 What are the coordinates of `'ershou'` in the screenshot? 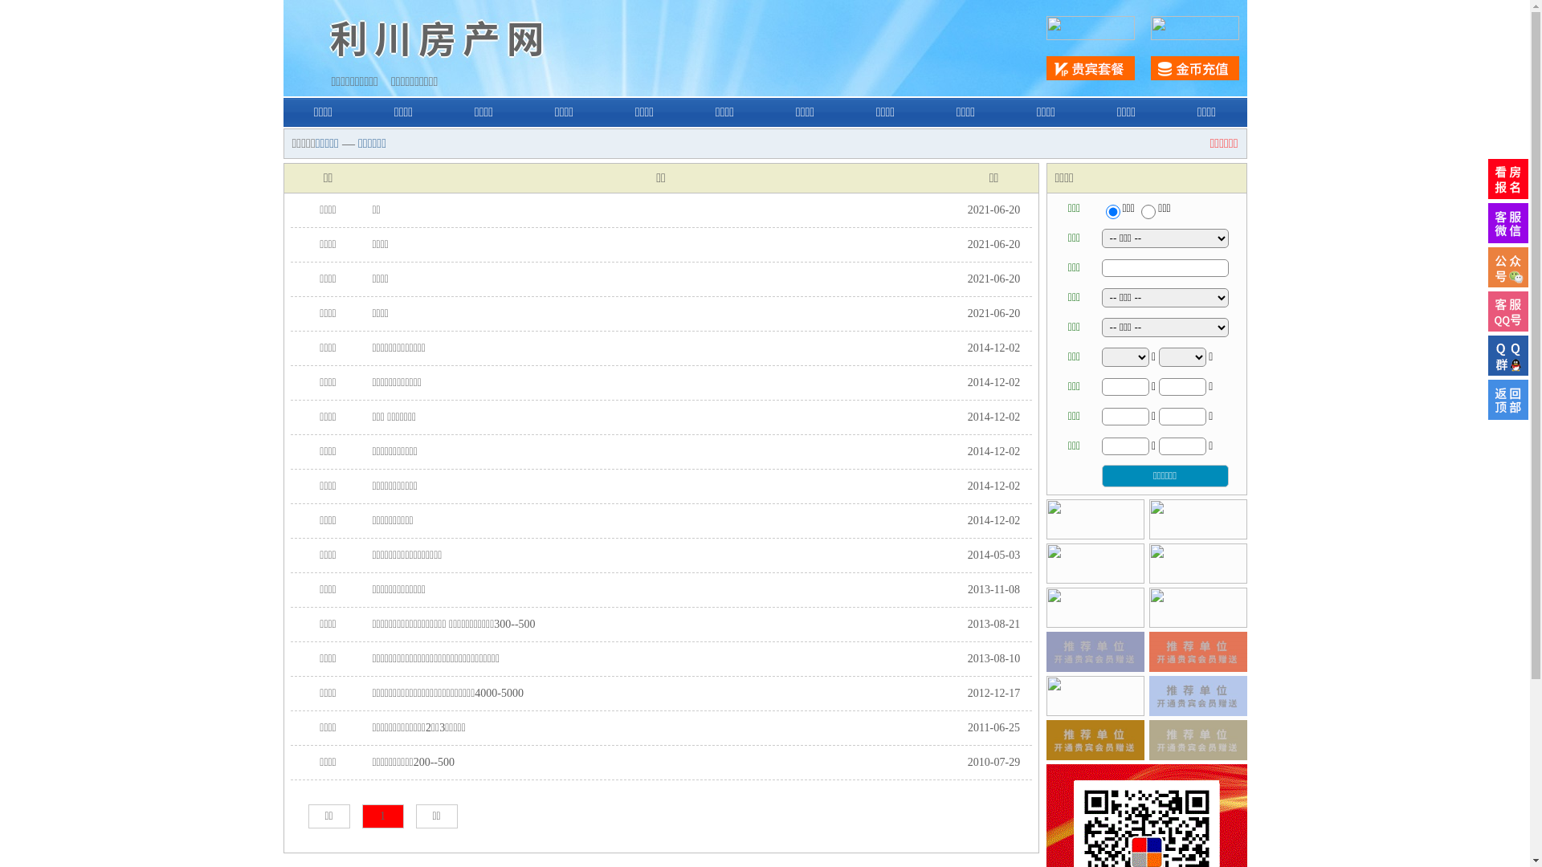 It's located at (1112, 210).